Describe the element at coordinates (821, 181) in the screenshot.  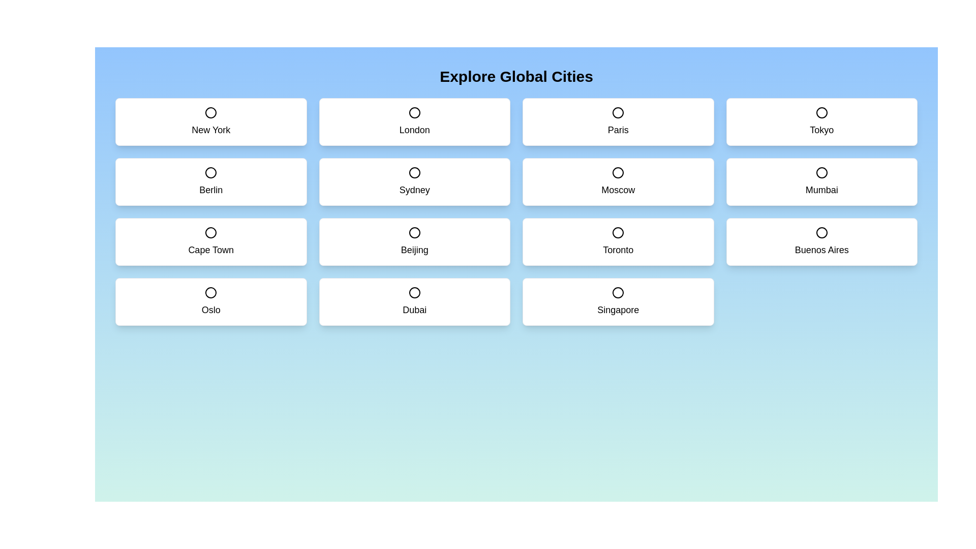
I see `the city card labeled Mumbai to toggle its selection state` at that location.